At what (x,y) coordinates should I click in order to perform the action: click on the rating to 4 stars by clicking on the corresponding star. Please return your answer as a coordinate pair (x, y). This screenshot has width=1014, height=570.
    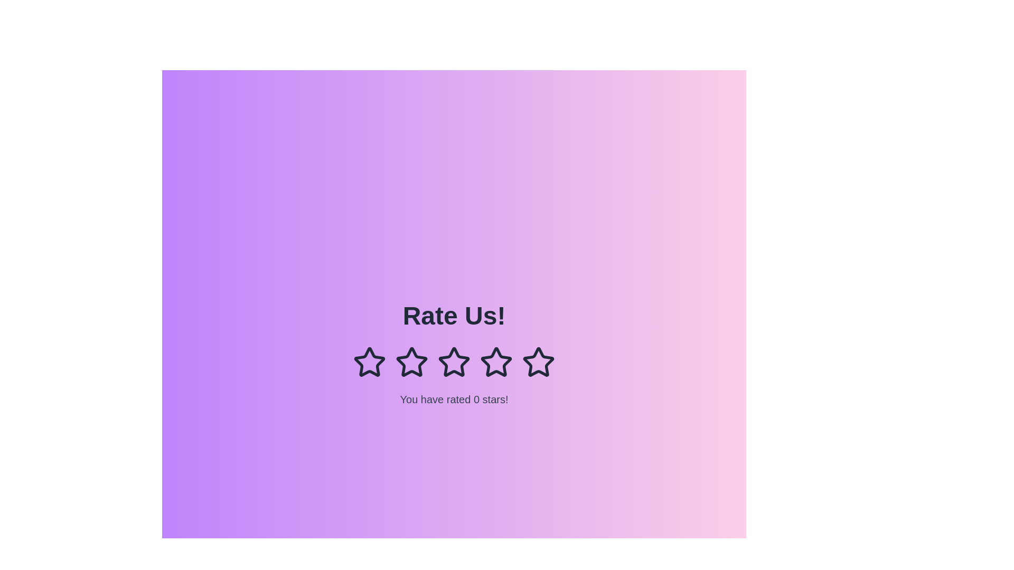
    Looking at the image, I should click on (496, 362).